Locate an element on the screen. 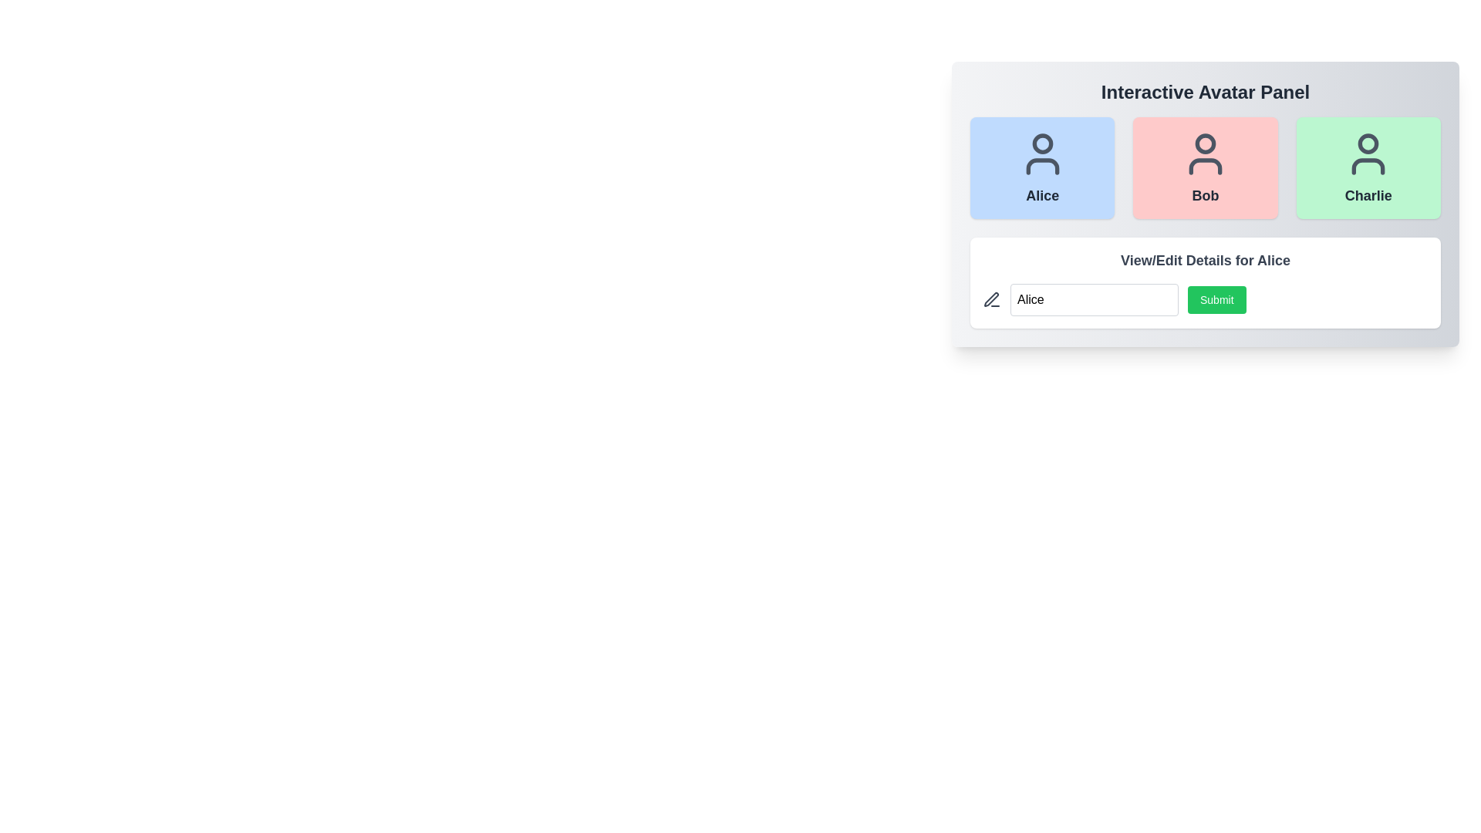 The width and height of the screenshot is (1481, 833). the text label 'Bob' which identifies the user in the middle card to focus on it is located at coordinates (1205, 195).